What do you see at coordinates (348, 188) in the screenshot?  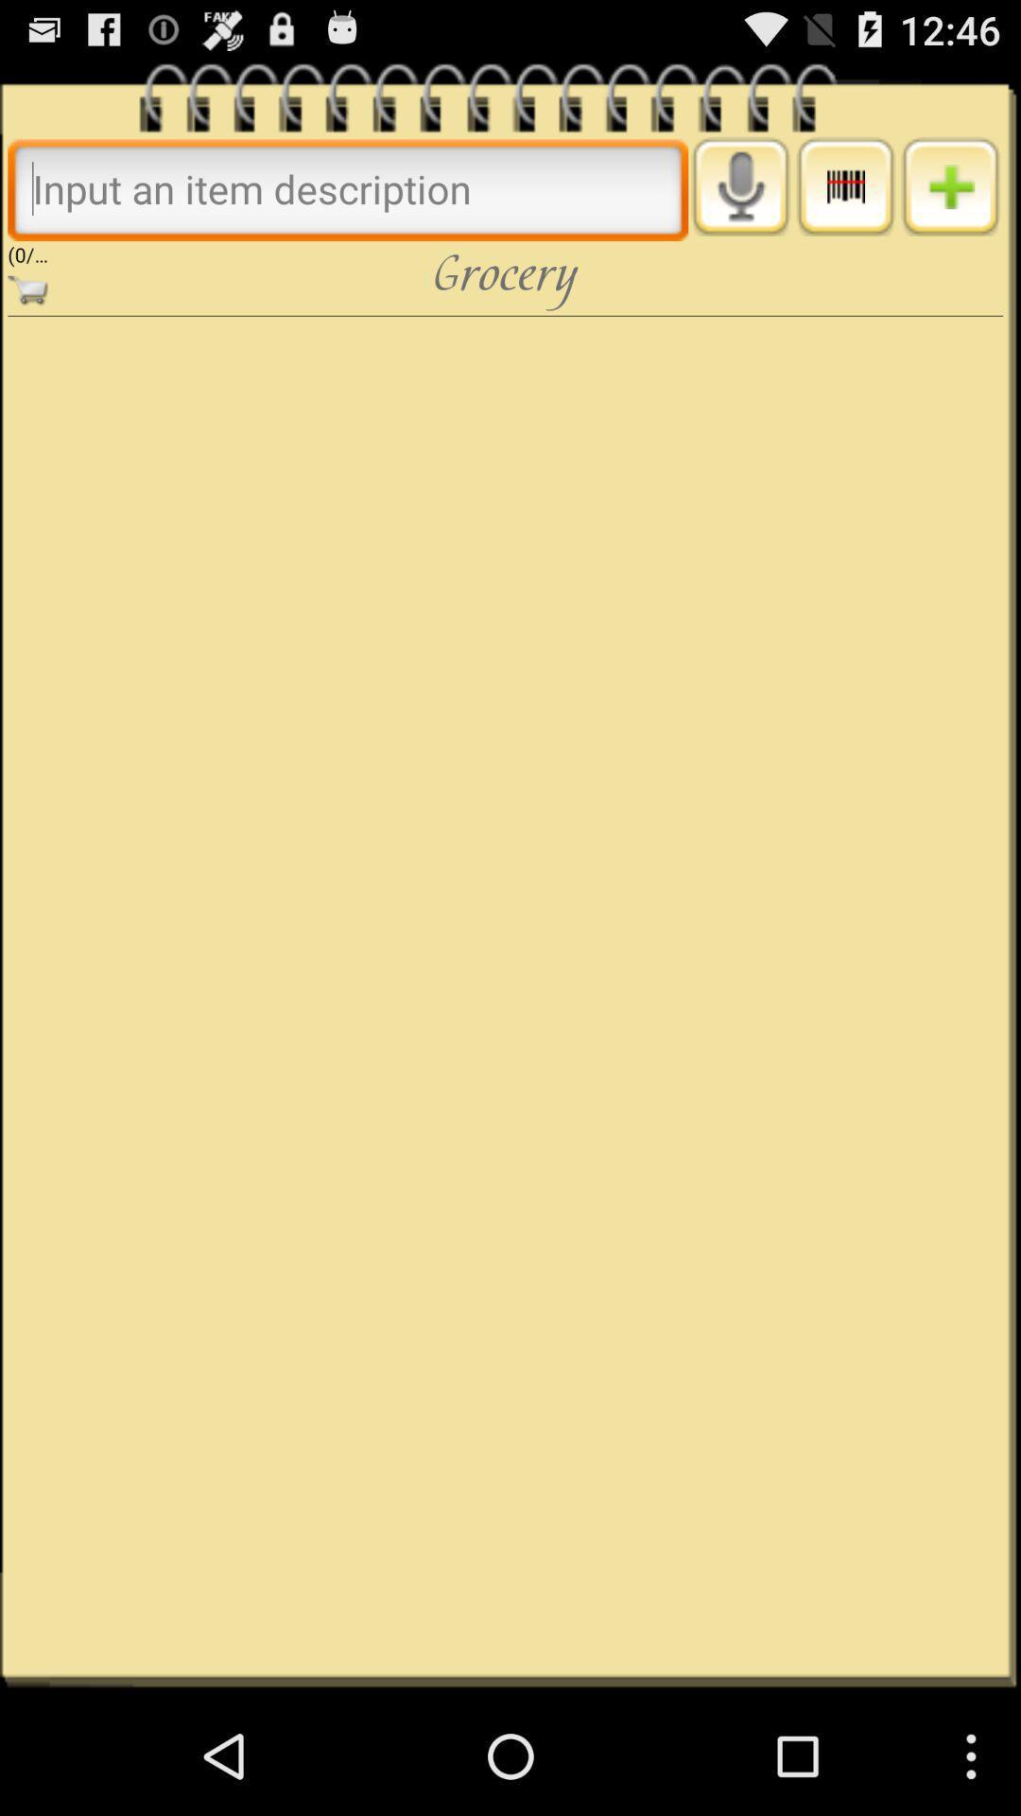 I see `input item description` at bounding box center [348, 188].